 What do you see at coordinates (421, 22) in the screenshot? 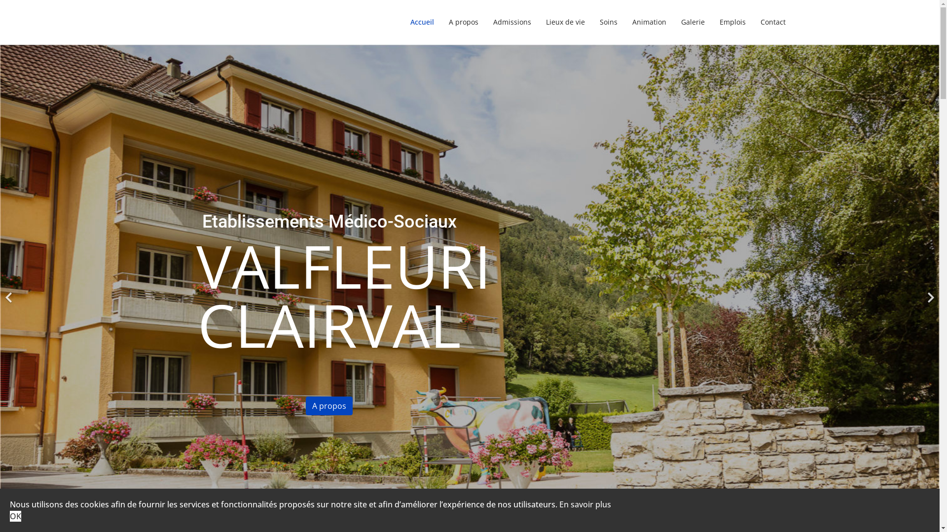
I see `'Accueil'` at bounding box center [421, 22].